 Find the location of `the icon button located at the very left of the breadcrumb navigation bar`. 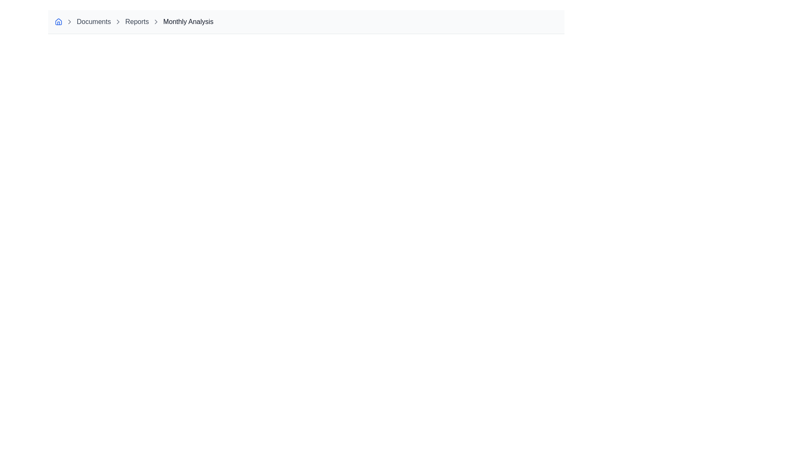

the icon button located at the very left of the breadcrumb navigation bar is located at coordinates (58, 21).